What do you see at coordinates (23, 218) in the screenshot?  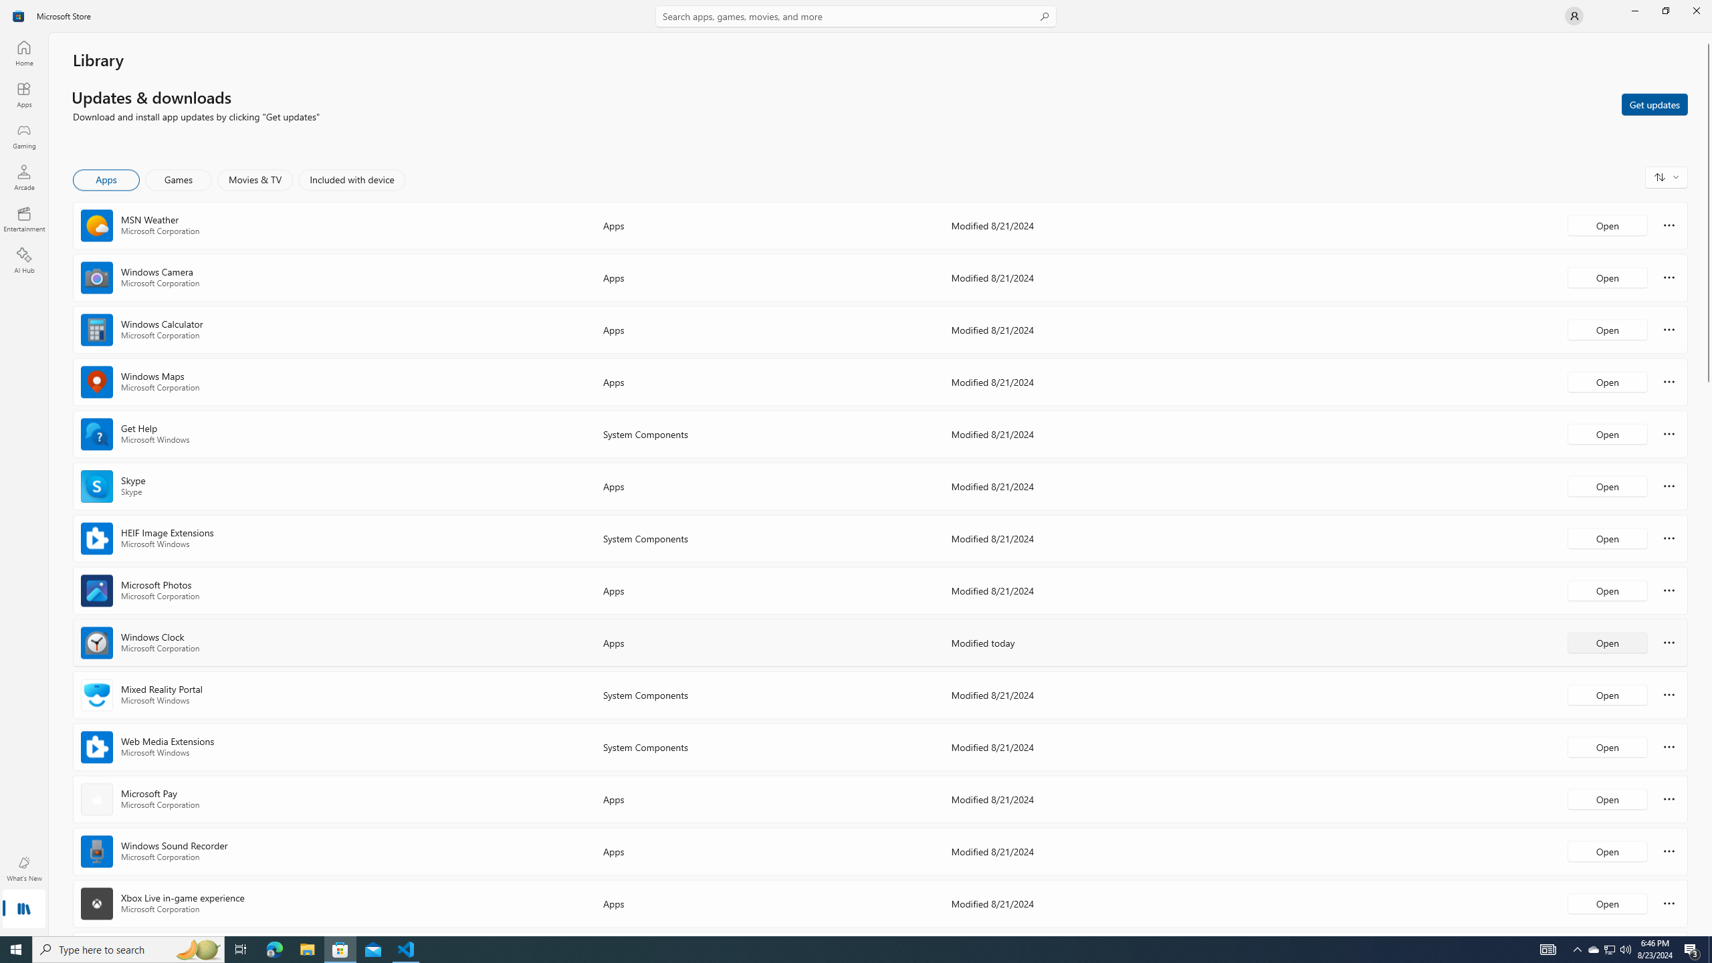 I see `'Entertainment'` at bounding box center [23, 218].